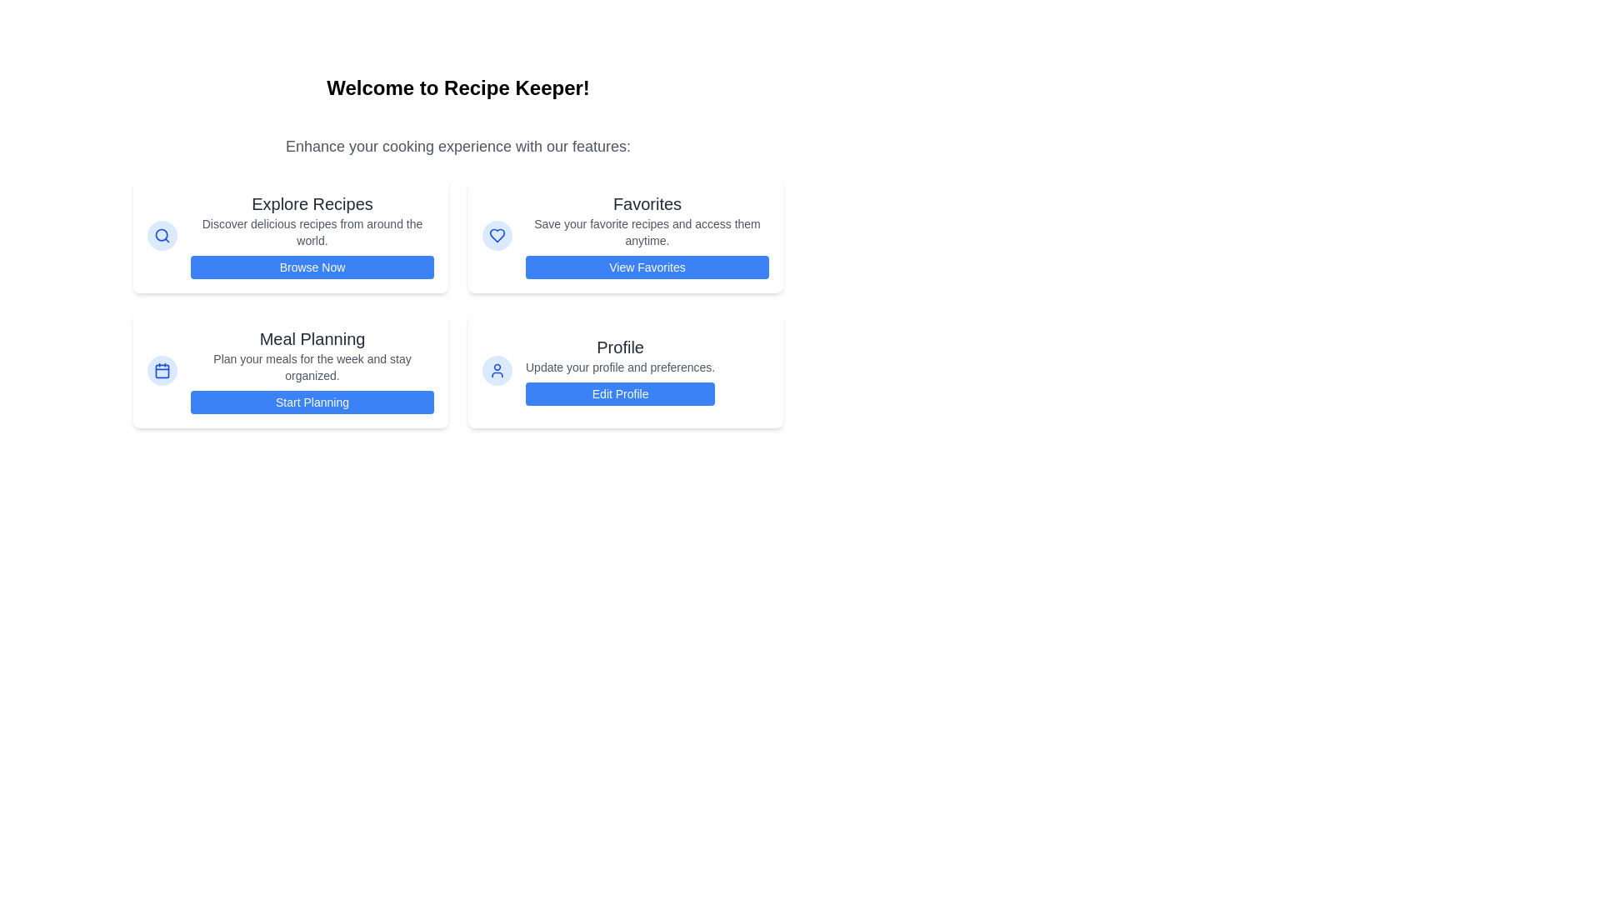  I want to click on the search icon, which is a circular outline with a magnifying glass, located inside the 'Explore Recipes' card at the top left of the grid, so click(162, 235).